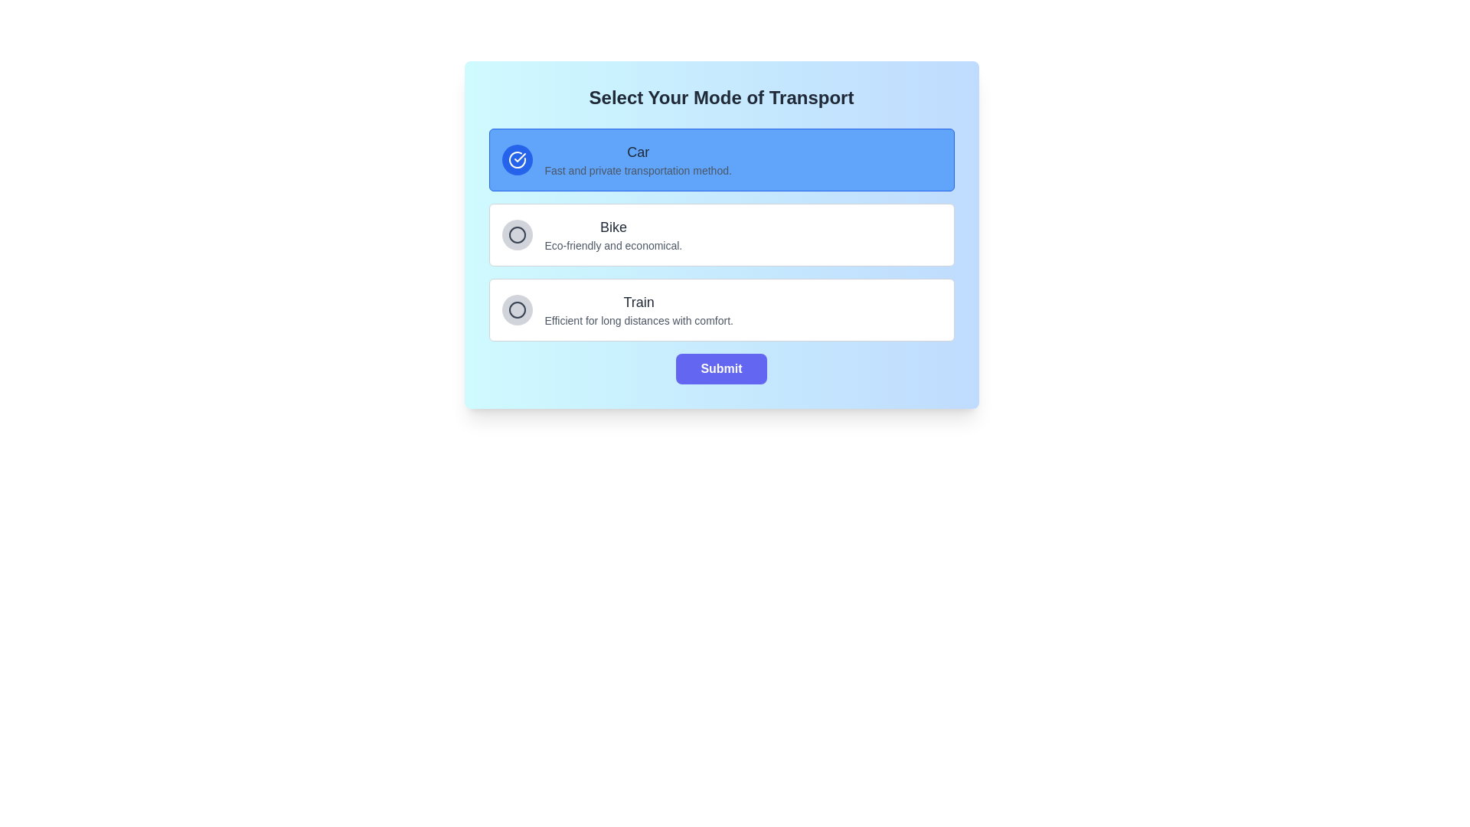 The width and height of the screenshot is (1470, 827). Describe the element at coordinates (613, 235) in the screenshot. I see `descriptive information provided in the Text block about the 'Bike' transportation option, which is centrally located in the interface below 'Car' and above 'Train'` at that location.